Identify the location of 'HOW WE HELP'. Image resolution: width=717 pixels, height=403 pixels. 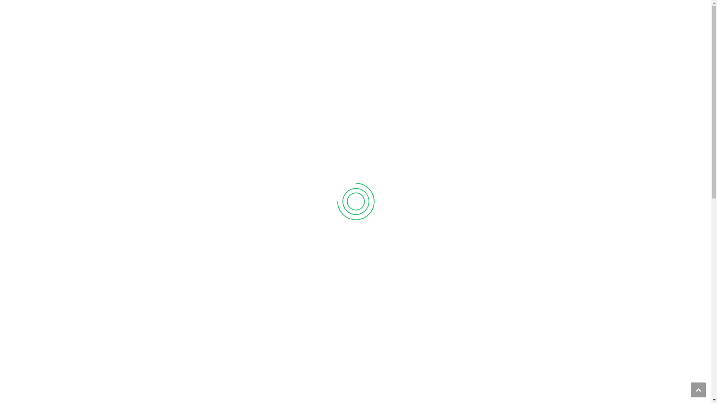
(336, 34).